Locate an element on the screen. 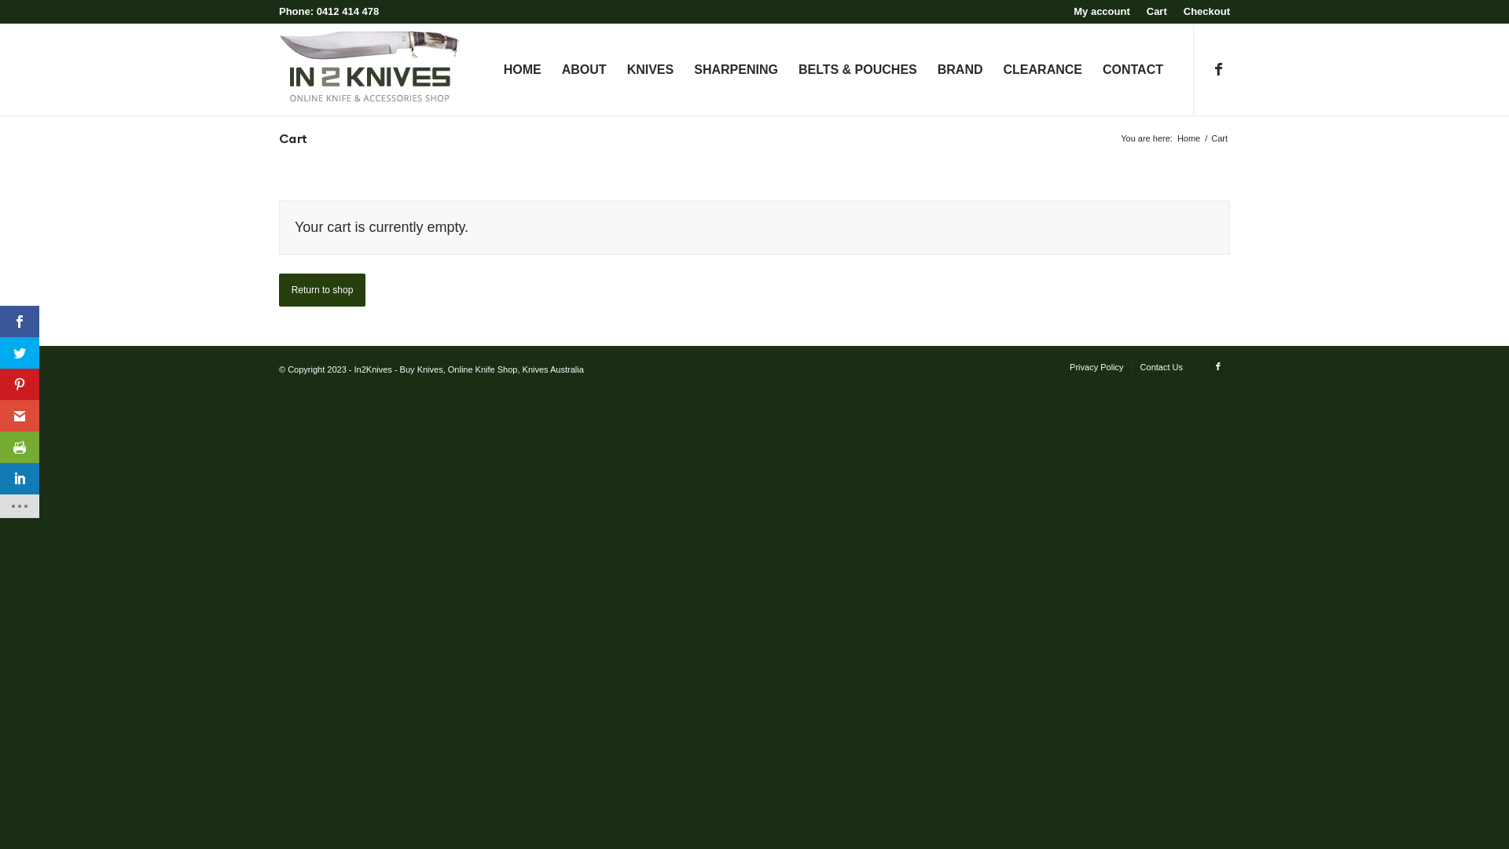 This screenshot has width=1509, height=849. 'BRAND' is located at coordinates (960, 68).